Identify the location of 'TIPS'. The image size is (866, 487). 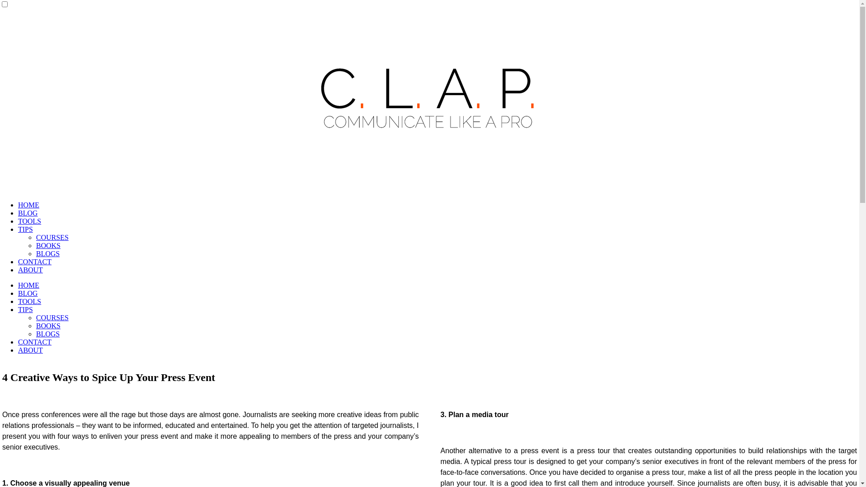
(25, 309).